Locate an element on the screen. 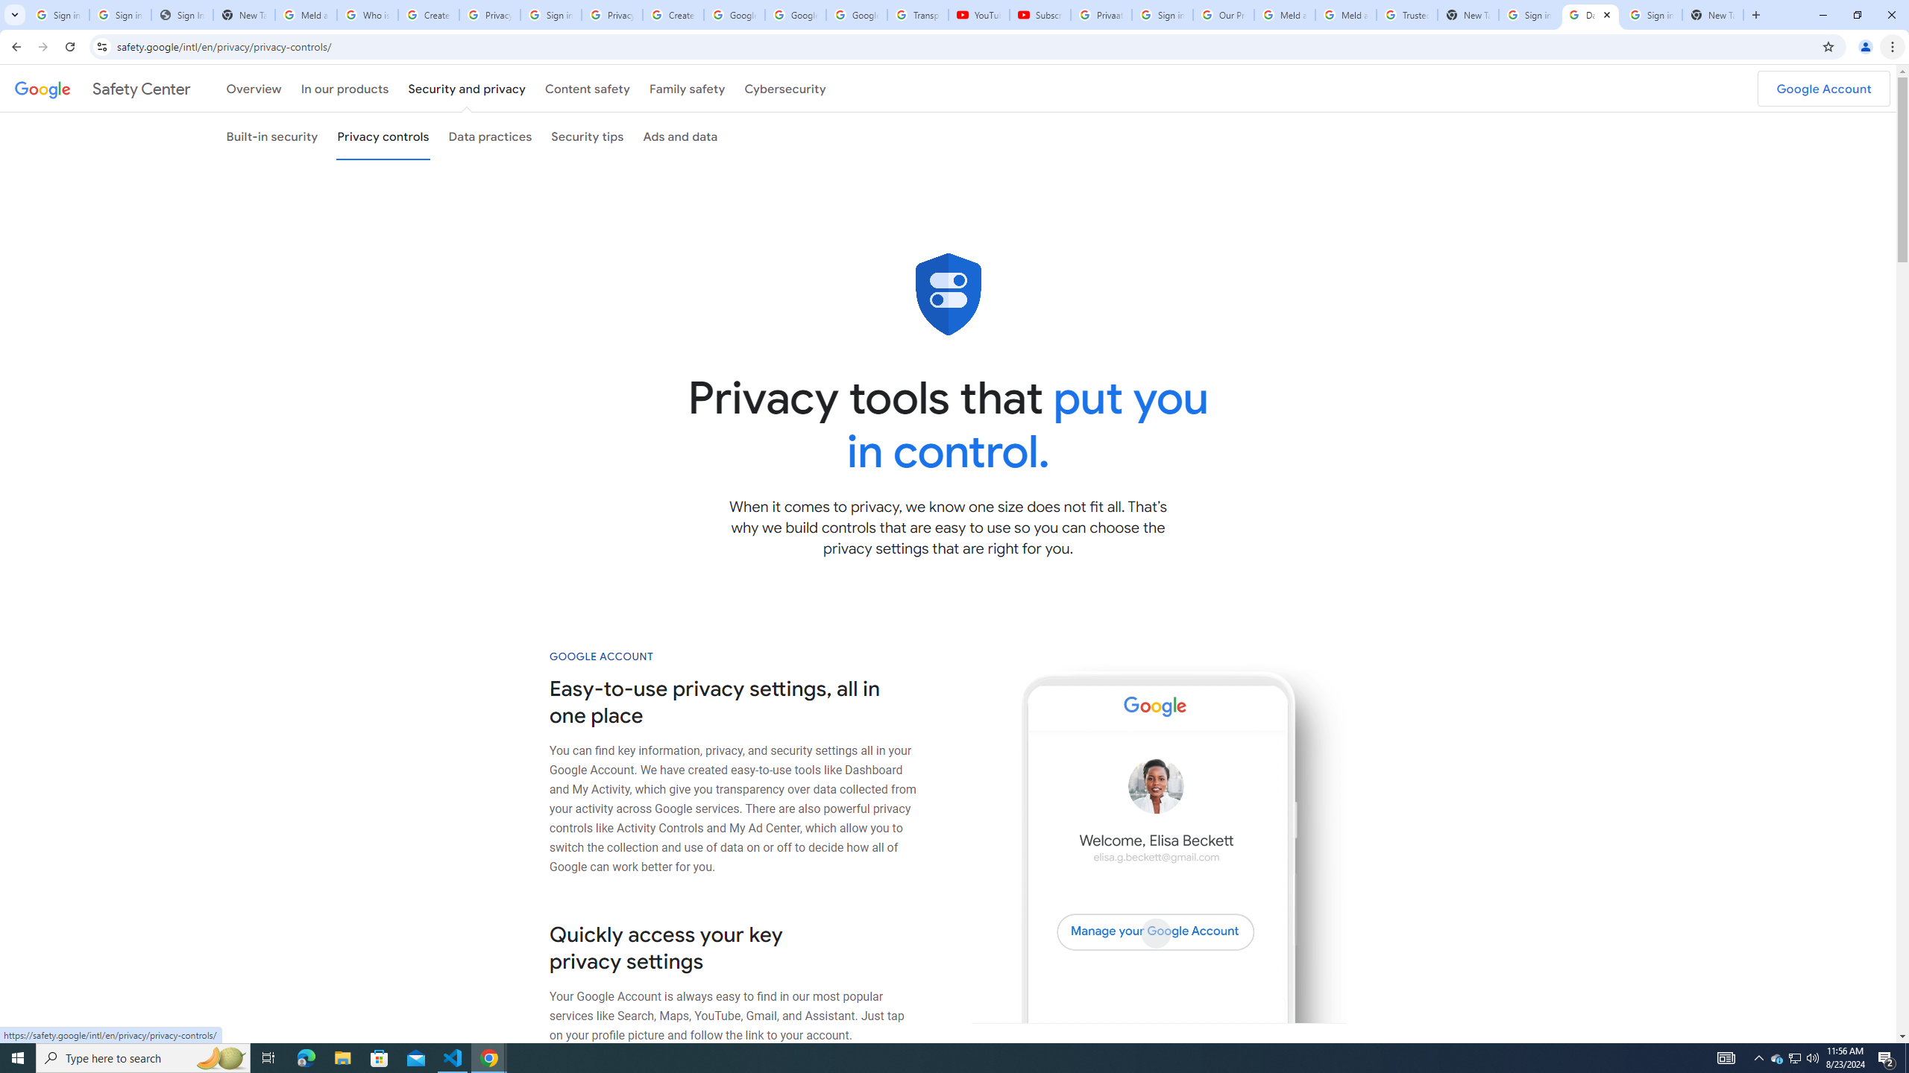 This screenshot has height=1073, width=1909. 'Subscriptions - YouTube' is located at coordinates (1039, 14).